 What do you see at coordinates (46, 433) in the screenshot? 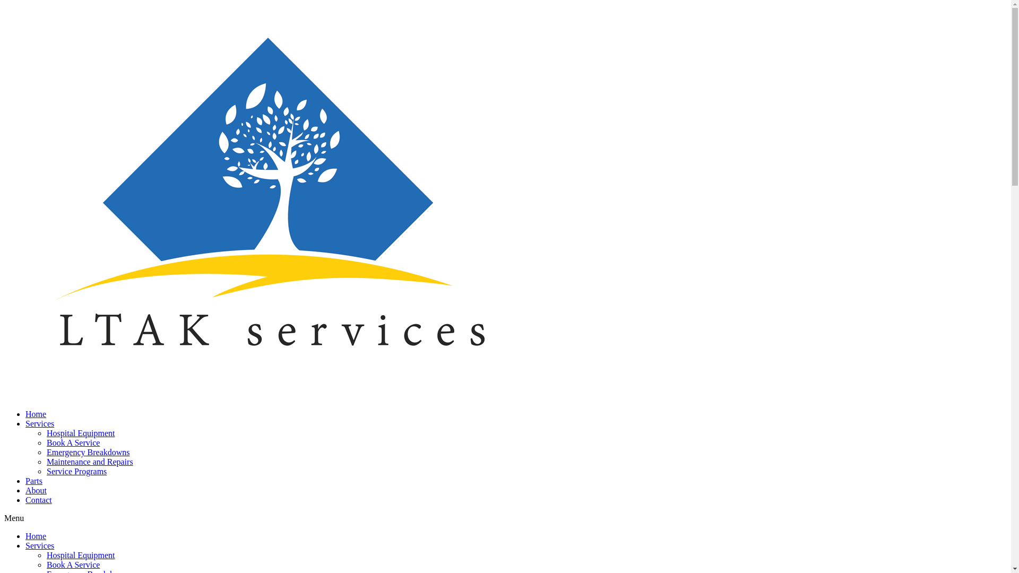
I see `'Hospital Equipment'` at bounding box center [46, 433].